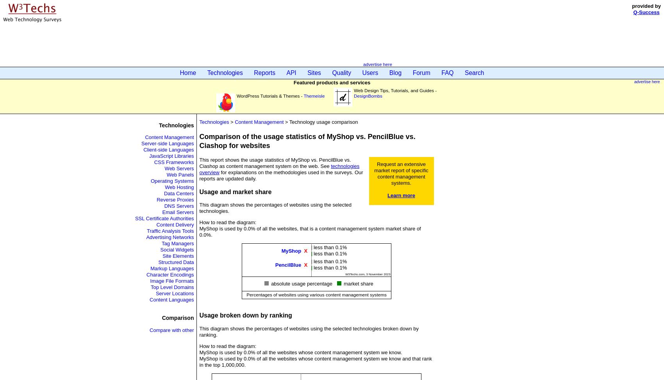 The width and height of the screenshot is (664, 380). I want to click on 'Email Servers', so click(161, 212).